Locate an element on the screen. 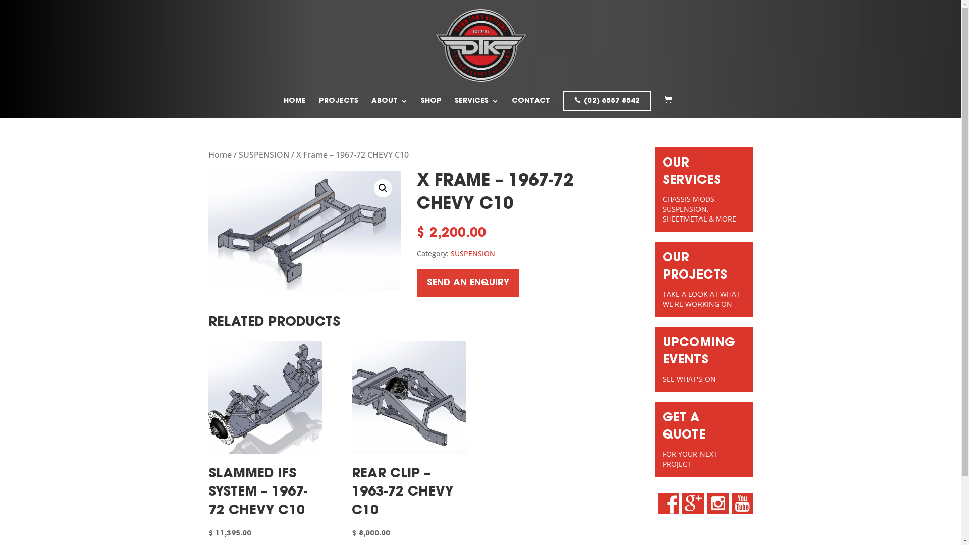  '(02) 6557 8542' is located at coordinates (607, 101).